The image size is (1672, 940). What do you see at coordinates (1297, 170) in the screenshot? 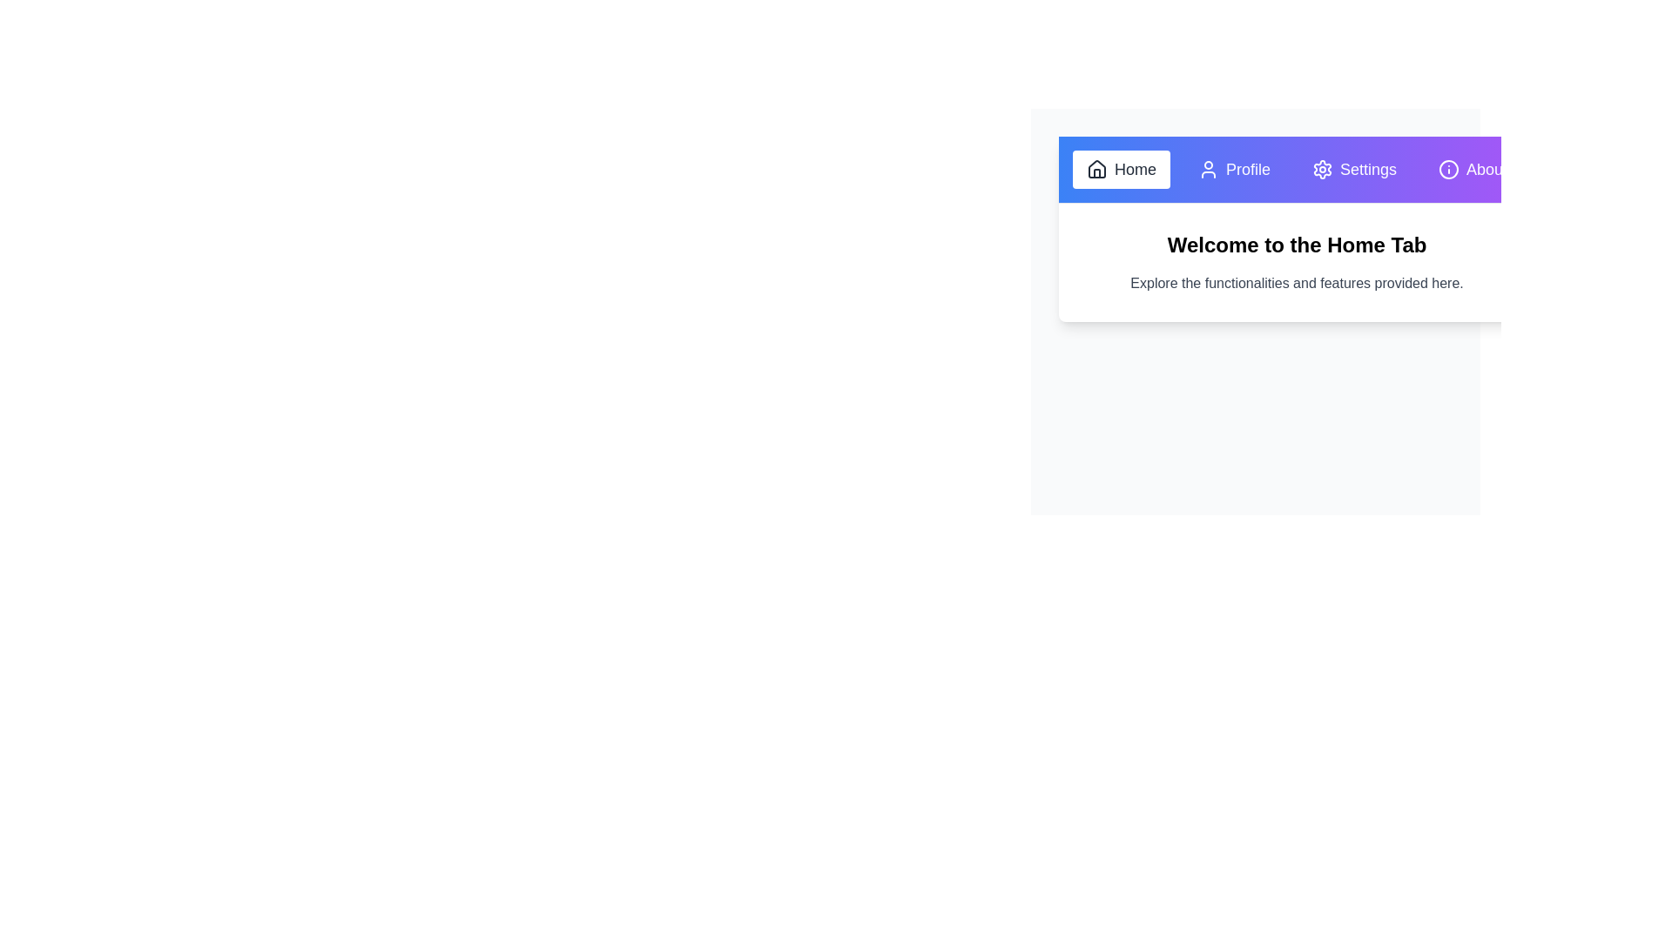
I see `the navigation bar at the center coordinates` at bounding box center [1297, 170].